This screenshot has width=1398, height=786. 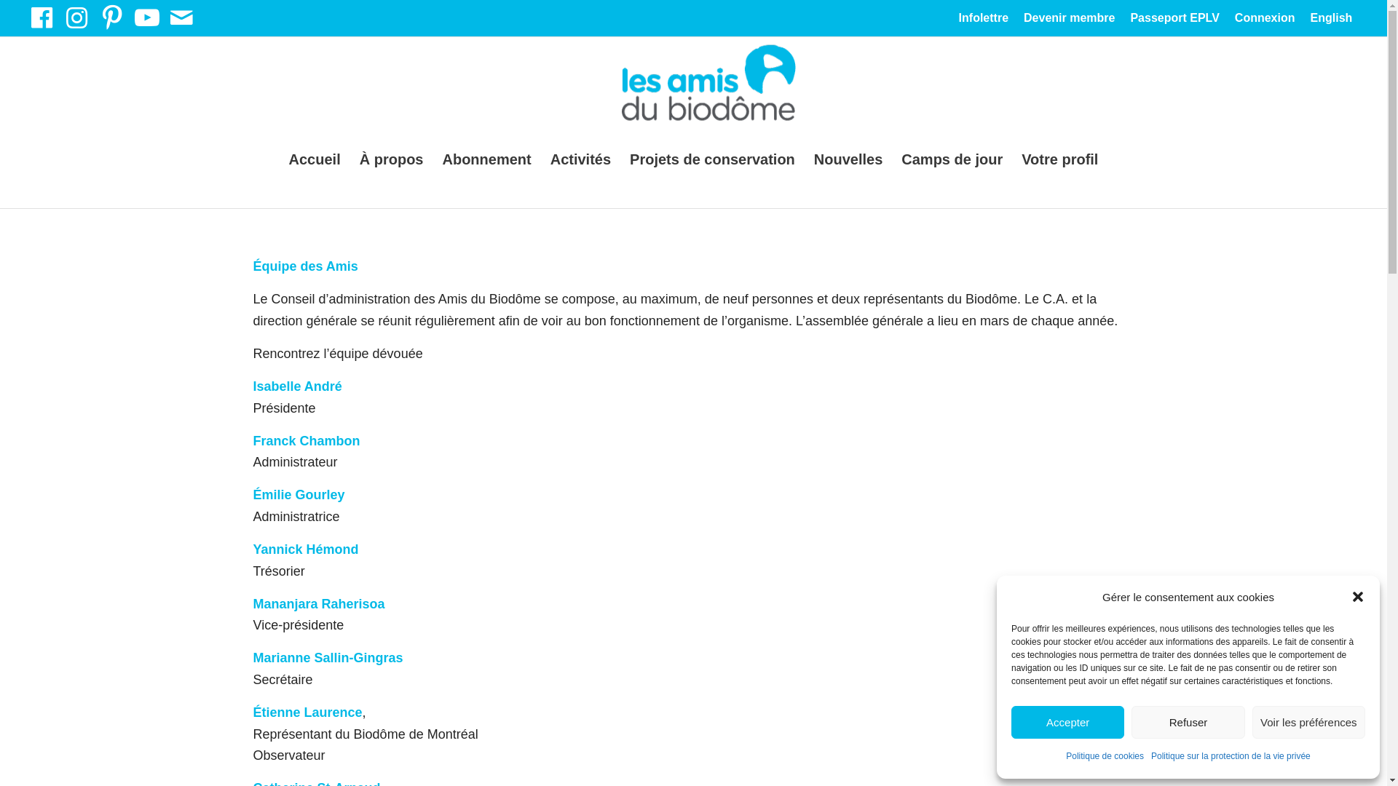 I want to click on 'English', so click(x=1331, y=20).